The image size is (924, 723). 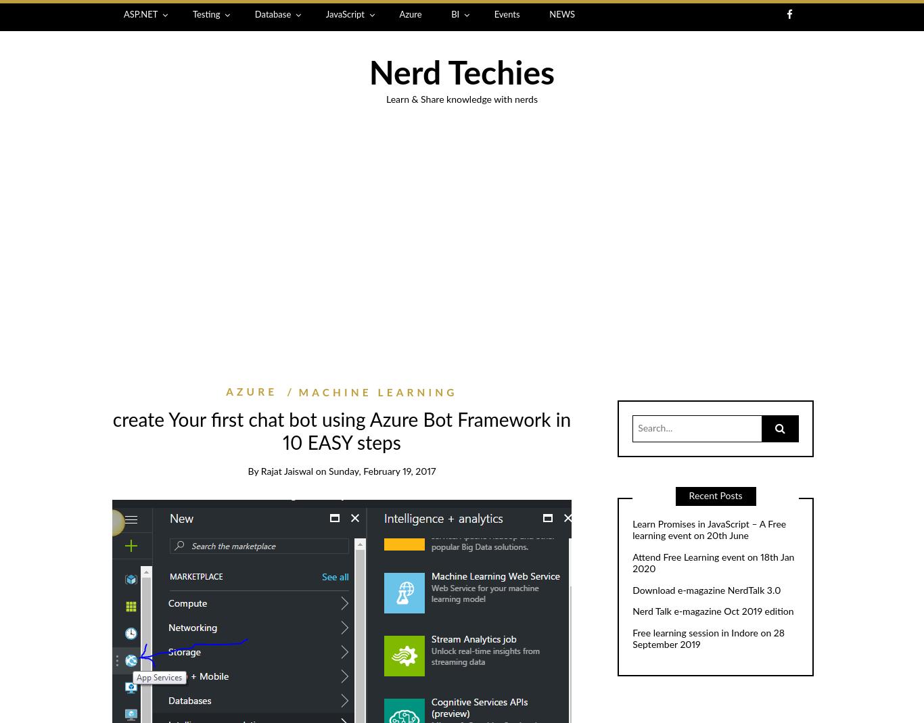 What do you see at coordinates (342, 432) in the screenshot?
I see `'create Your first chat bot using Azure Bot Framework in 10 EASY steps'` at bounding box center [342, 432].